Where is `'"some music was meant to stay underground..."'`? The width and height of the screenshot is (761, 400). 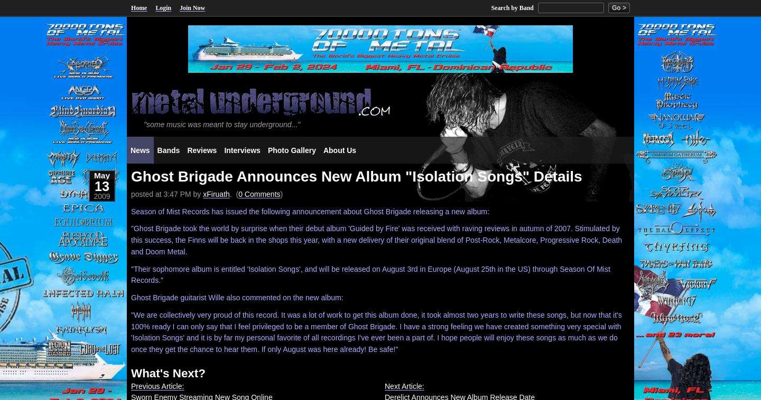
'"some music was meant to stay underground..."' is located at coordinates (221, 124).